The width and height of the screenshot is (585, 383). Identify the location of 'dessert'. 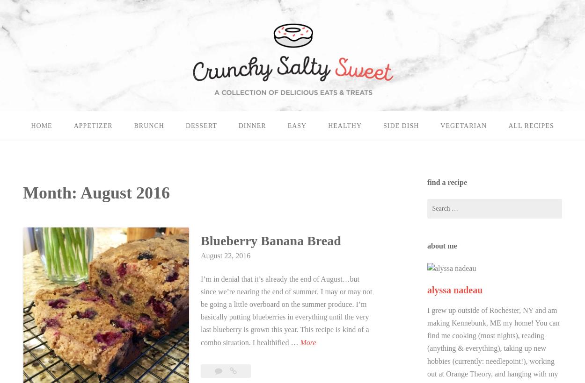
(201, 126).